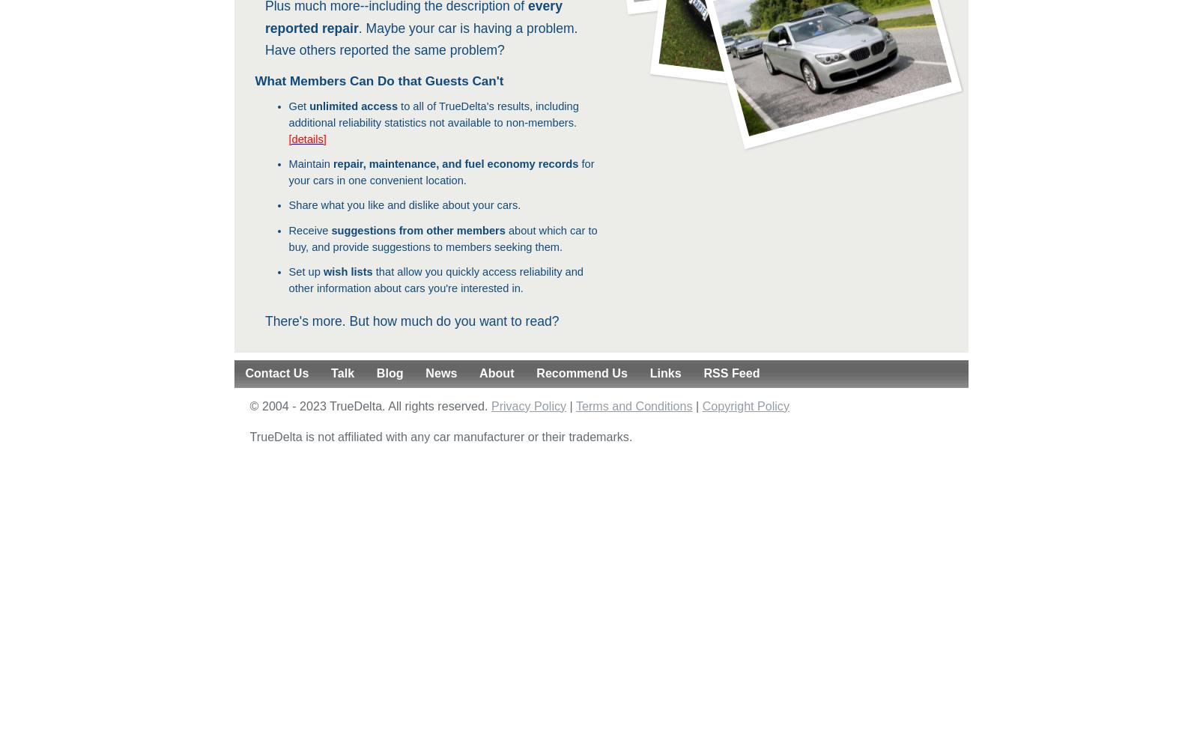  I want to click on 'What Members Can Do that Guests Can't', so click(378, 79).